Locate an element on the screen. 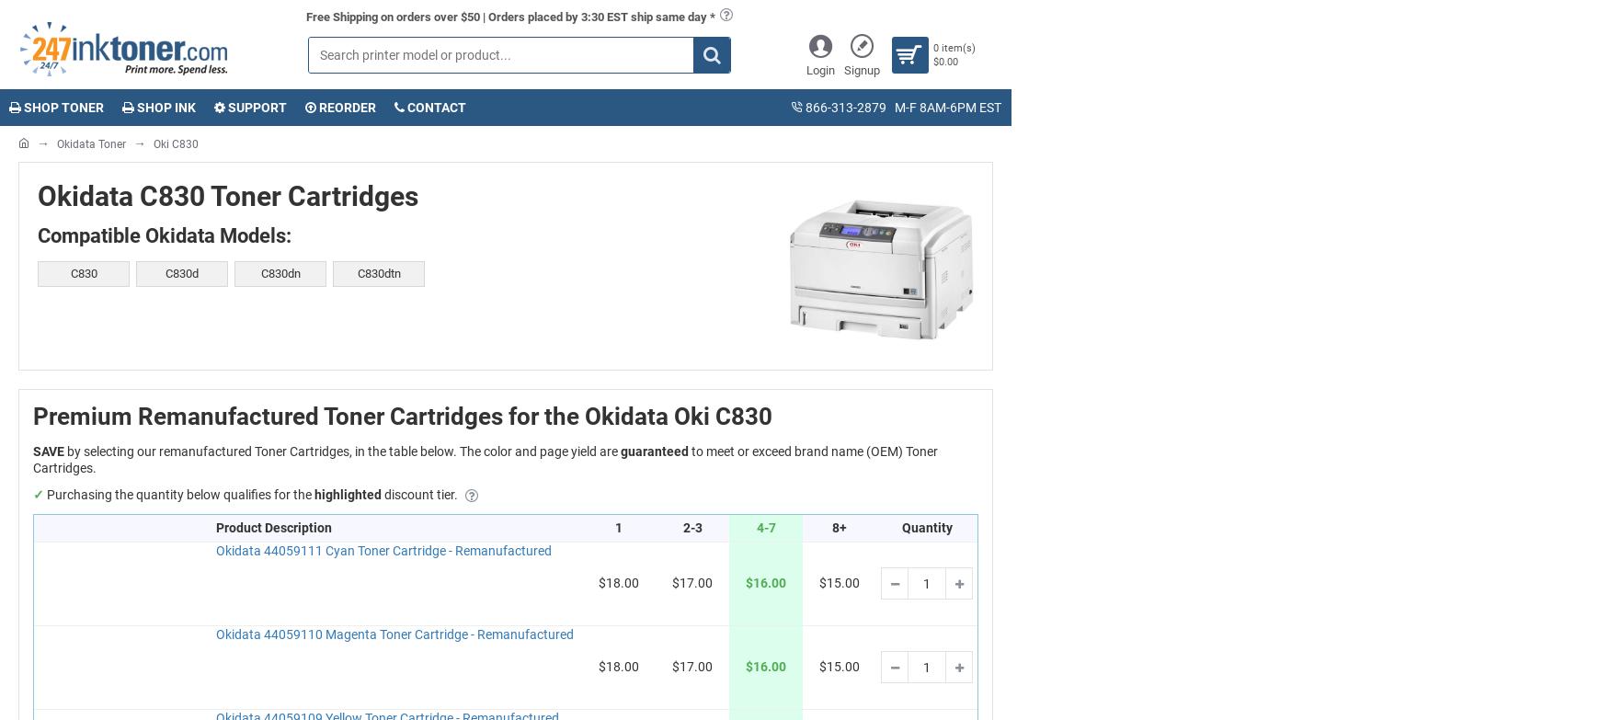 The image size is (1600, 720). 'Reorder' is located at coordinates (315, 106).